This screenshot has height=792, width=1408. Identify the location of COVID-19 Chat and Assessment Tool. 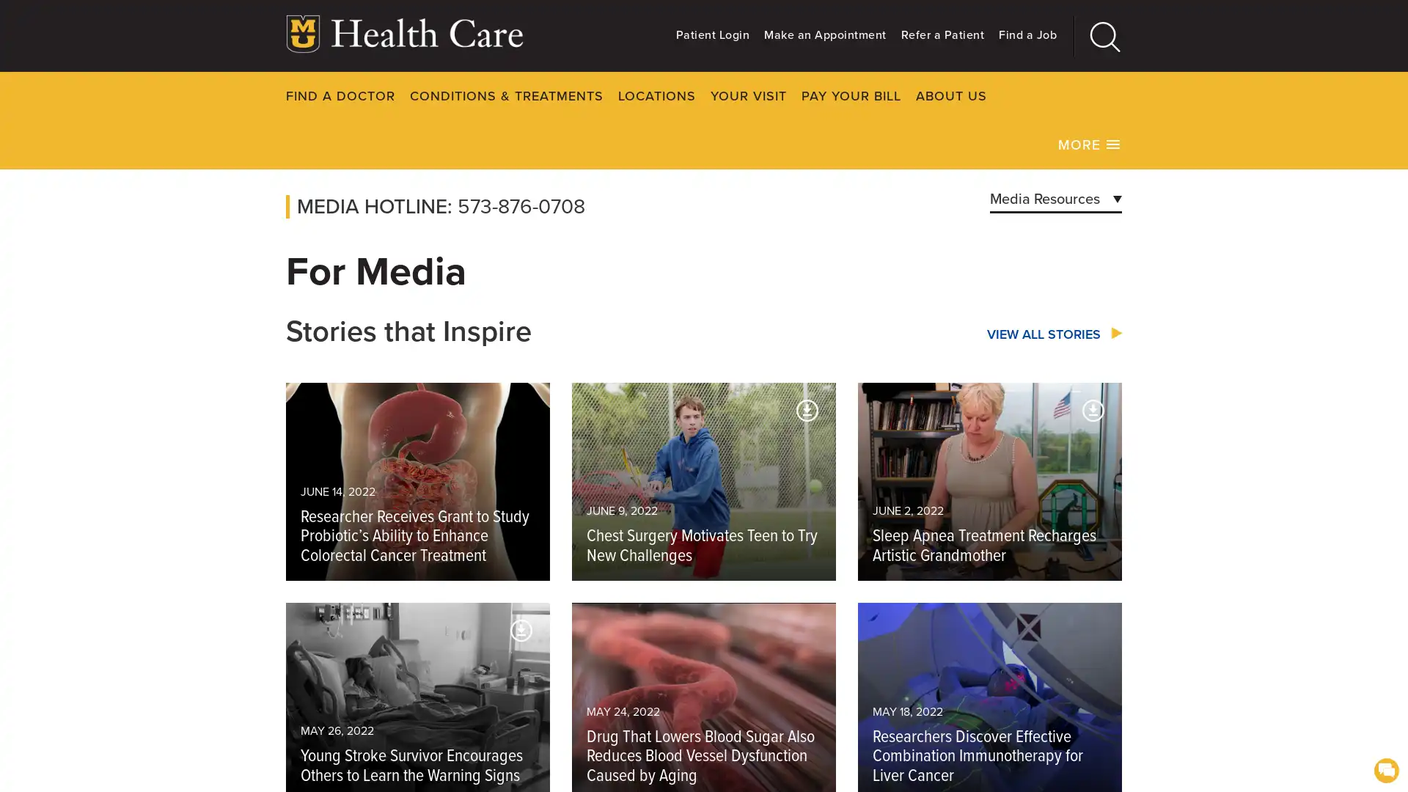
(1385, 769).